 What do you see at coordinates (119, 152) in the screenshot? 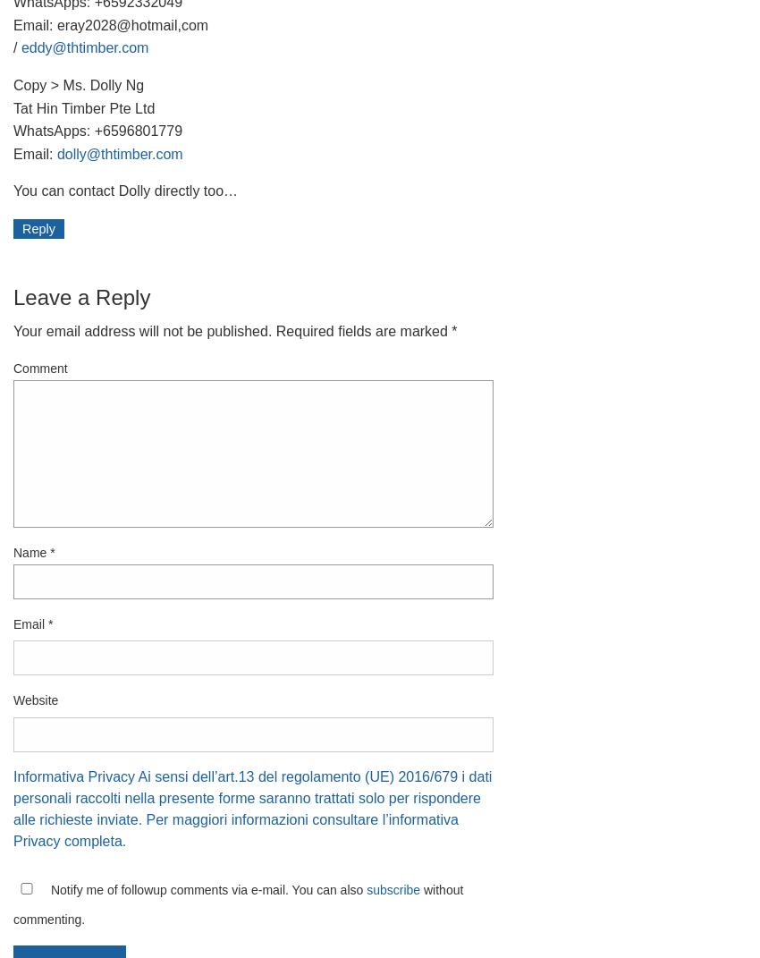
I see `'dolly@thtimber.com'` at bounding box center [119, 152].